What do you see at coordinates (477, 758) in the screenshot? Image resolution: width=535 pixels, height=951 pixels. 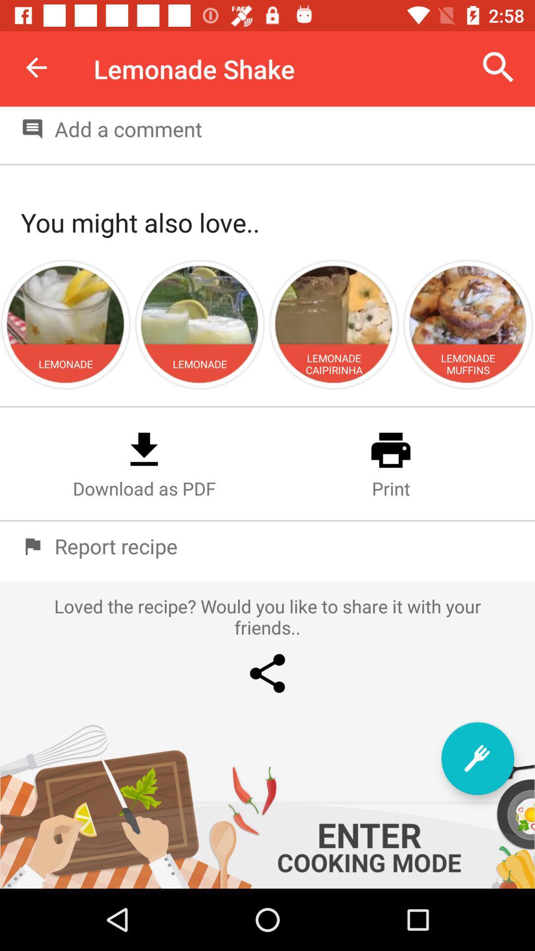 I see `item` at bounding box center [477, 758].